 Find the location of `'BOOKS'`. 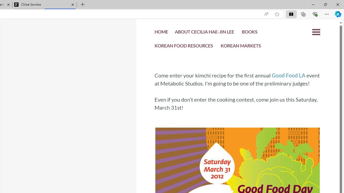

'BOOKS' is located at coordinates (249, 33).